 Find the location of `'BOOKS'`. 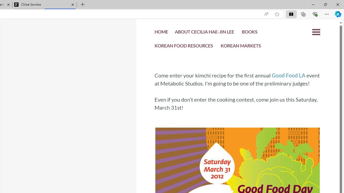

'BOOKS' is located at coordinates (249, 33).